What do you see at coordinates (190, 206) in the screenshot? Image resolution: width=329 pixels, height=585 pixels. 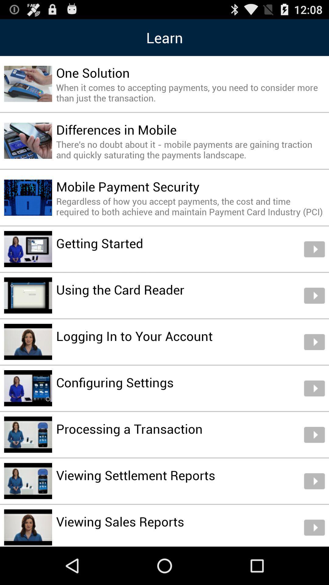 I see `the regardless of how icon` at bounding box center [190, 206].